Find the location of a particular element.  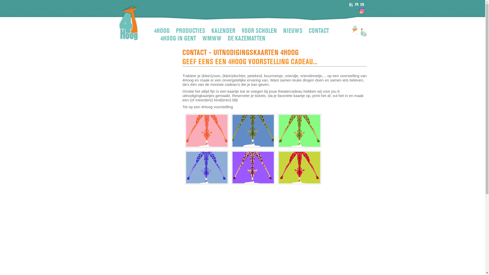

'PRODUCTIES' is located at coordinates (176, 31).